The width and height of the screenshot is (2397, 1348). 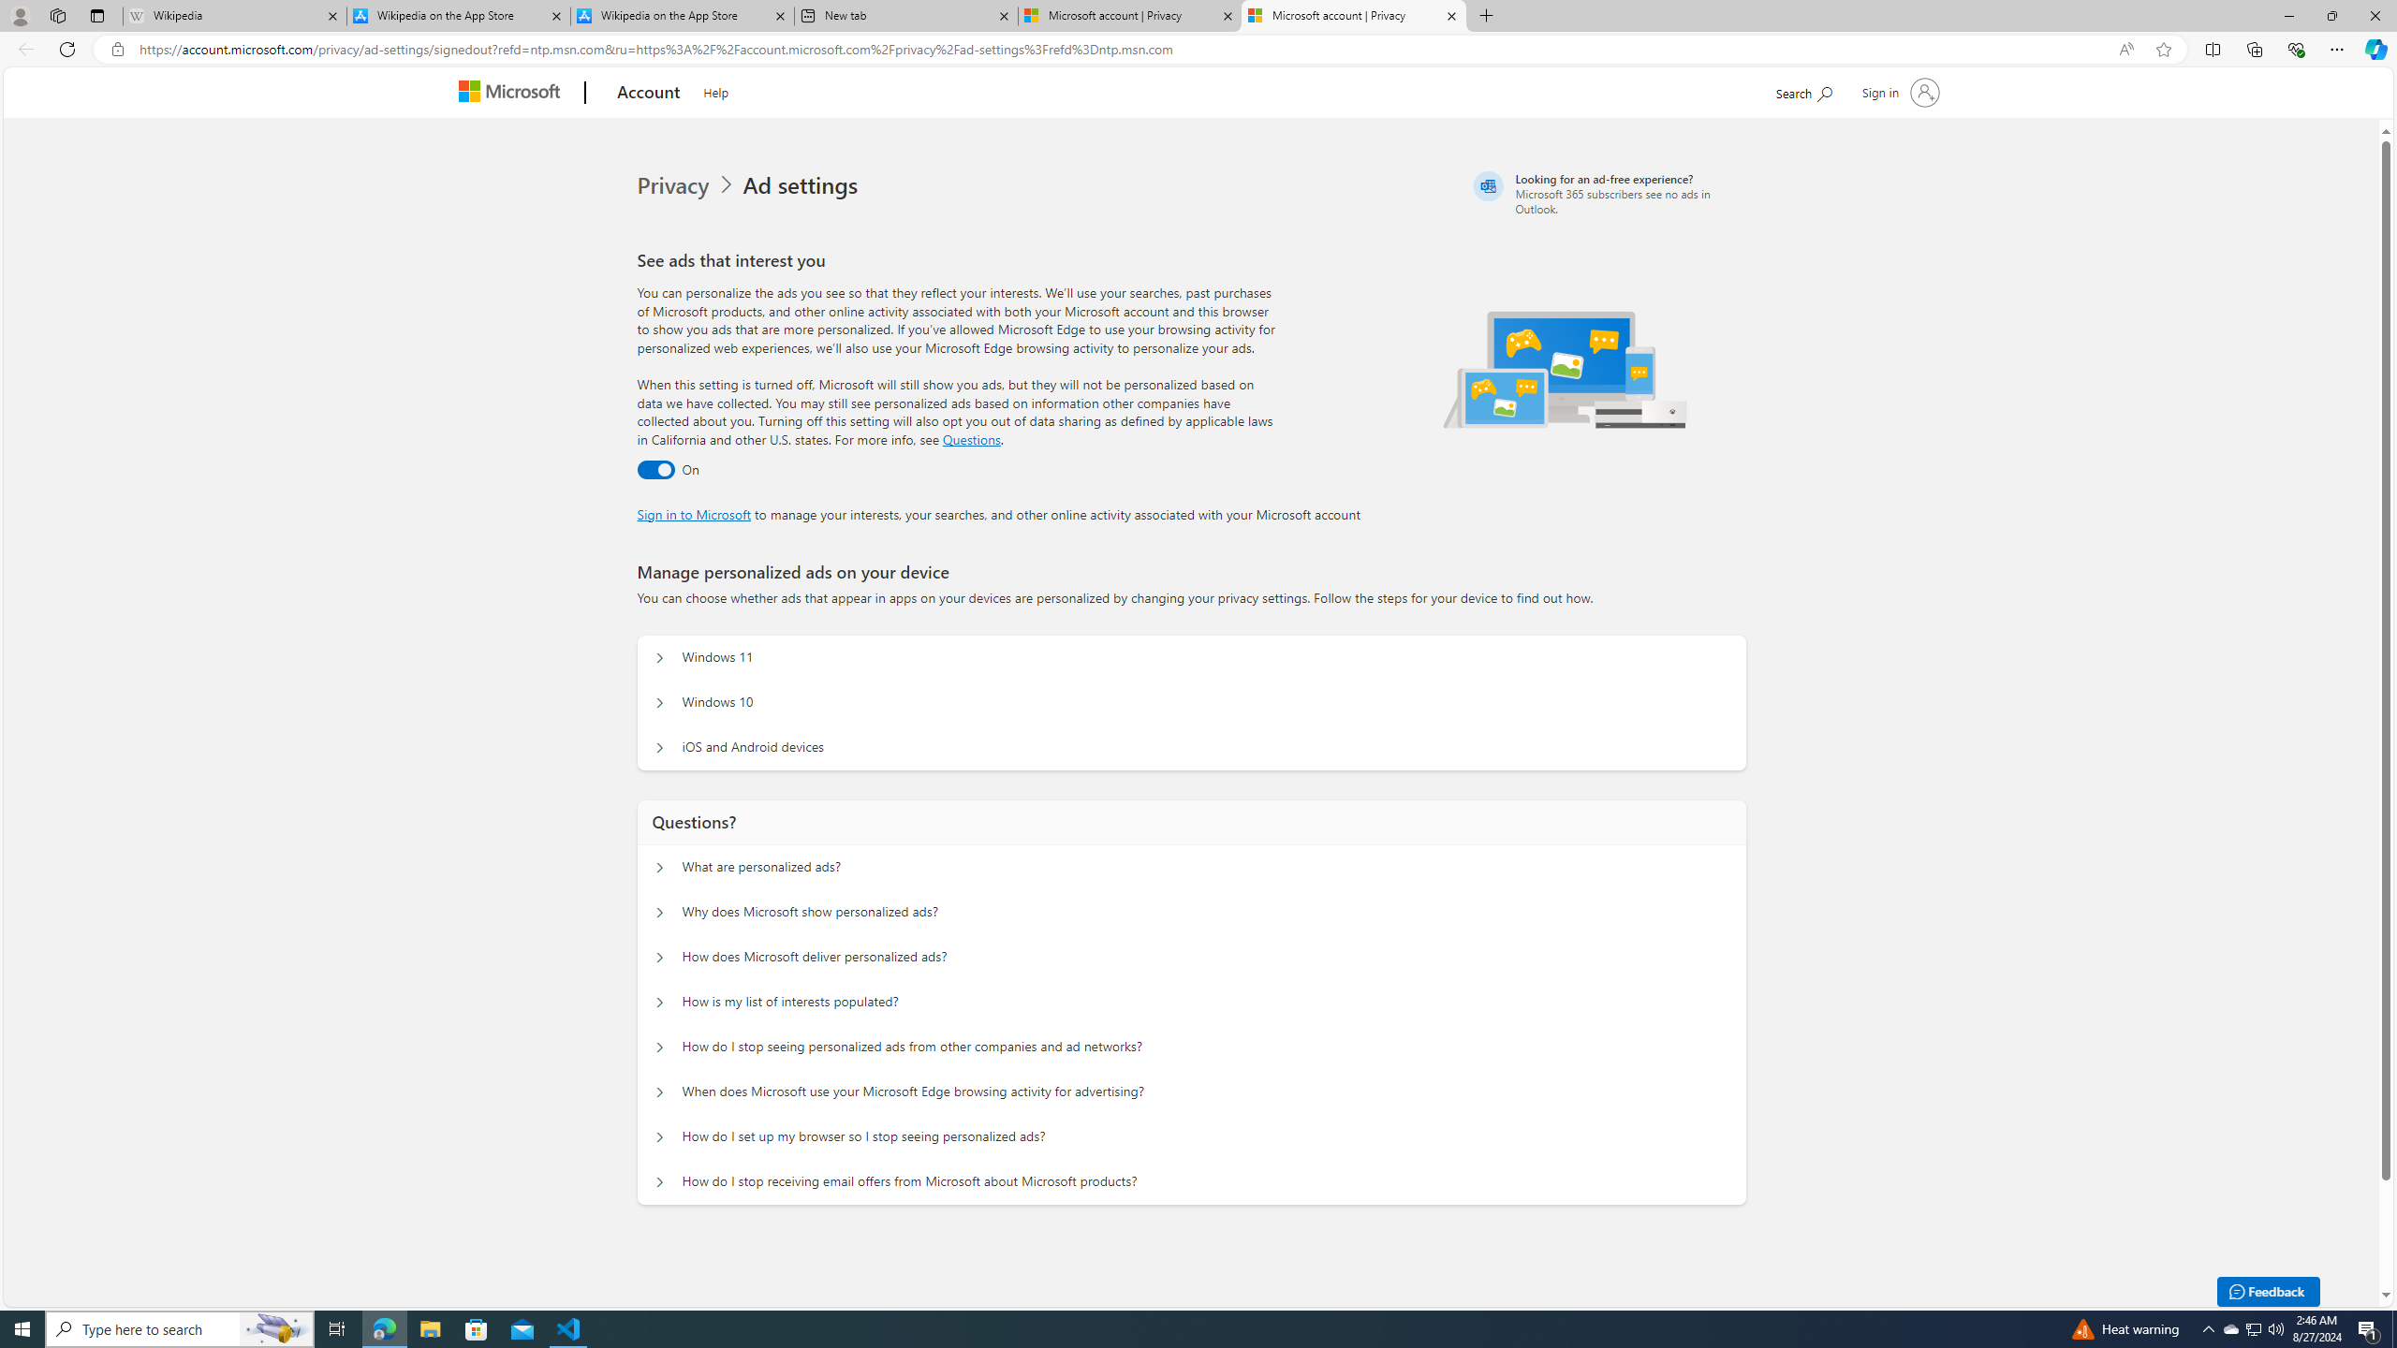 I want to click on 'Looking for an ad-free experience?', so click(x=1607, y=193).